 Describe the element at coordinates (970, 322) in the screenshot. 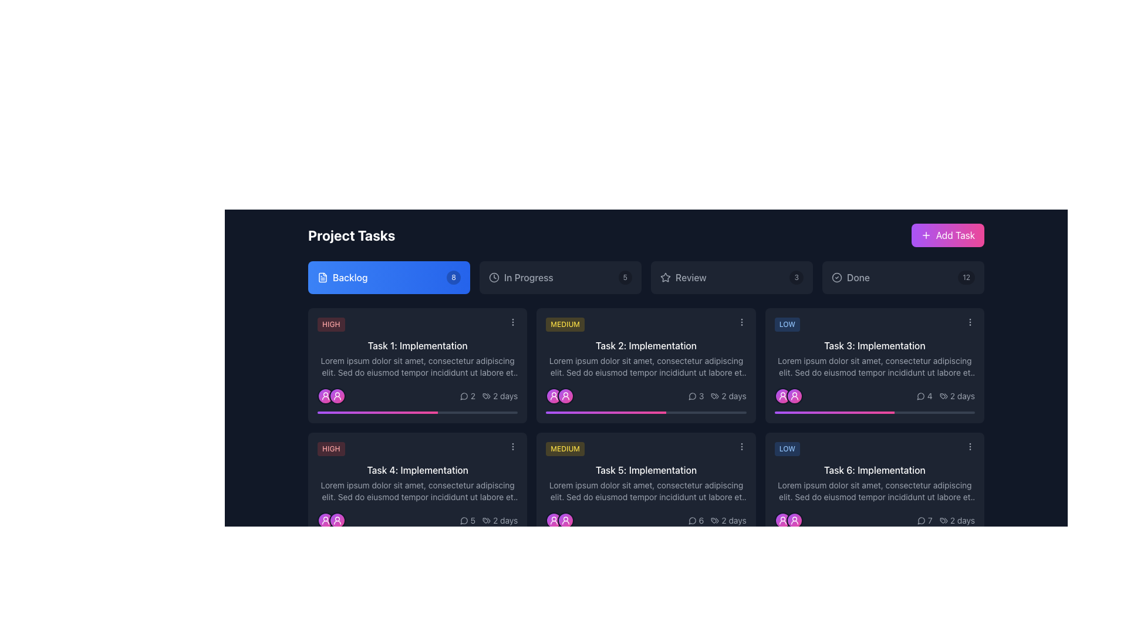

I see `the button with three vertically aligned light gray dots located in the upper-right corner of the task card labeled 'Task 3: Implementation'` at that location.